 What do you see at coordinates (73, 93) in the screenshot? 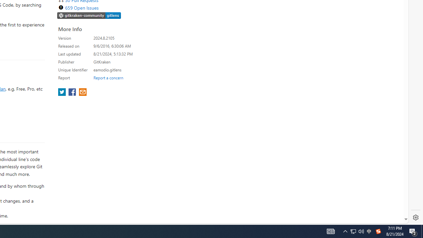
I see `'share extension on facebook'` at bounding box center [73, 93].